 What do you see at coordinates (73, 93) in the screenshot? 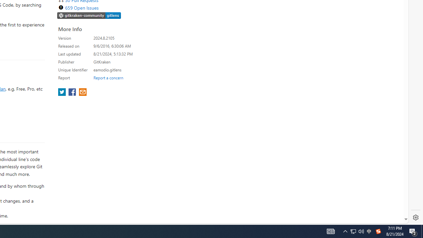
I see `'share extension on facebook'` at bounding box center [73, 93].